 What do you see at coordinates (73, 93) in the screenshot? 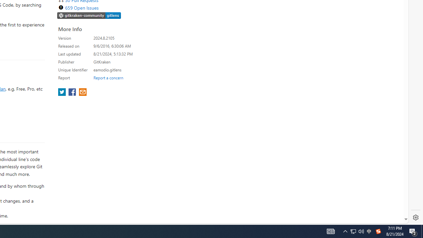
I see `'share extension on facebook'` at bounding box center [73, 93].